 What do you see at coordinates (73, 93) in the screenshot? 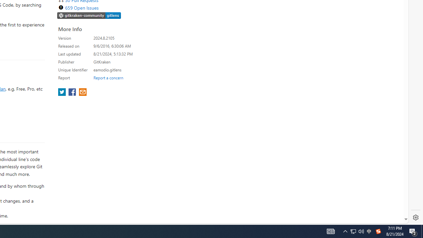
I see `'share extension on facebook'` at bounding box center [73, 93].